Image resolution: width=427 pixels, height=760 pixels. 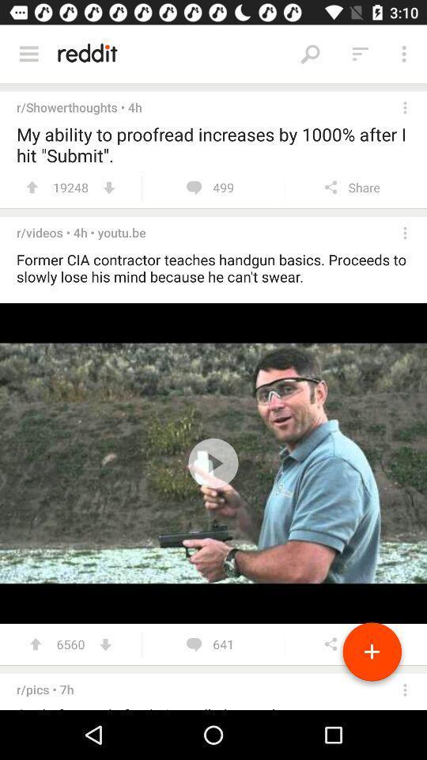 I want to click on the third more button from top, so click(x=405, y=232).